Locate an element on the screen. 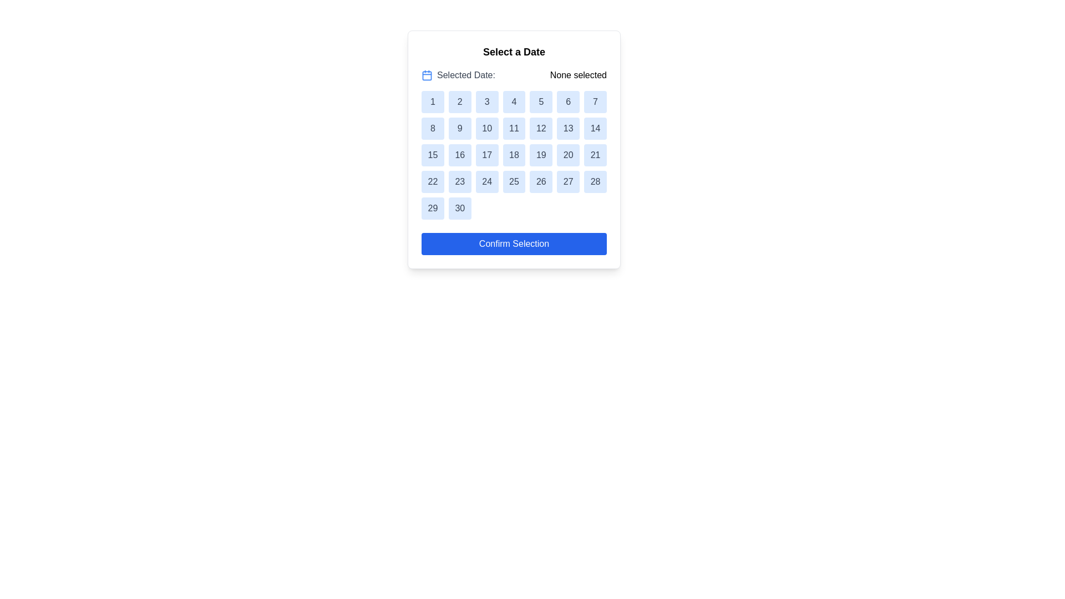 The width and height of the screenshot is (1065, 599). displayed text 'None selected' from the text label located to the right of 'Selected Date:' in the modal window is located at coordinates (577, 75).